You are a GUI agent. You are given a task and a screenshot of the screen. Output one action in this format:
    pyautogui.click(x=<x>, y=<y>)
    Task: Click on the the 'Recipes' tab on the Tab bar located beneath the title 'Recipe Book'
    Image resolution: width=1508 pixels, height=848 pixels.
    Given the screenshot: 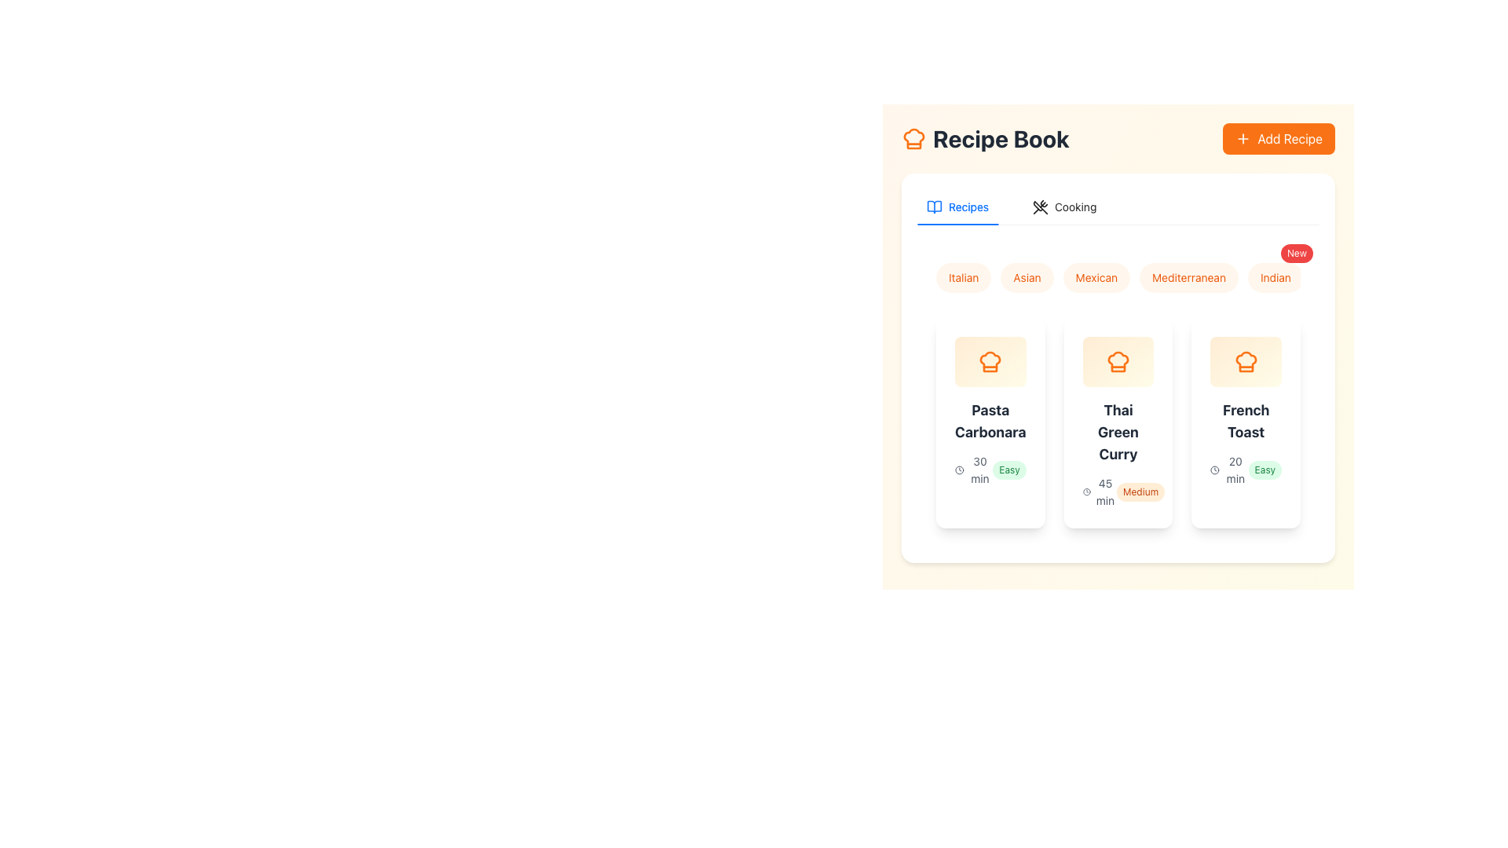 What is the action you would take?
    pyautogui.click(x=1012, y=206)
    